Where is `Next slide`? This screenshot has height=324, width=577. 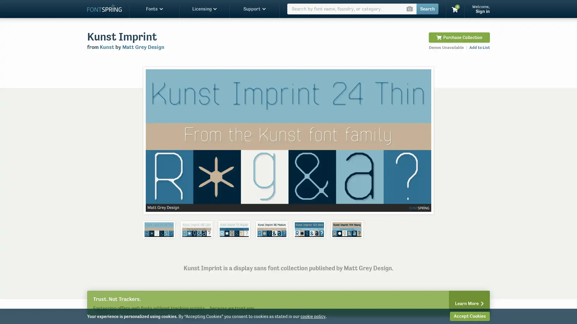 Next slide is located at coordinates (422, 140).